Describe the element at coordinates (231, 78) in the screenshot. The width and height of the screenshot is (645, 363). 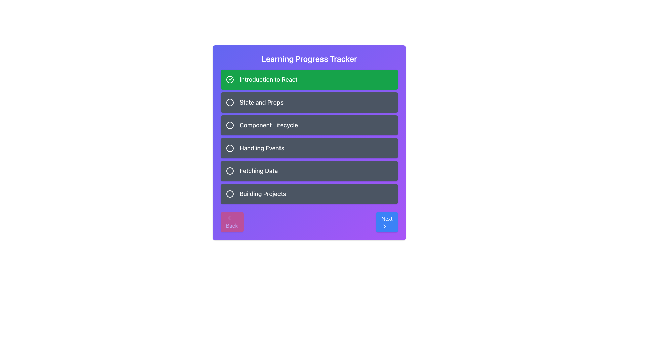
I see `the checkmark symbol in the green-highlighted list item labeled 'Introduction to React' to identify its selected state` at that location.